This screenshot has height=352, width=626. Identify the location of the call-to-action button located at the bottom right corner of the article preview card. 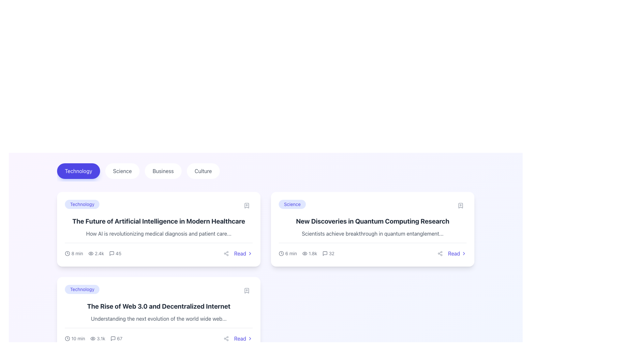
(243, 338).